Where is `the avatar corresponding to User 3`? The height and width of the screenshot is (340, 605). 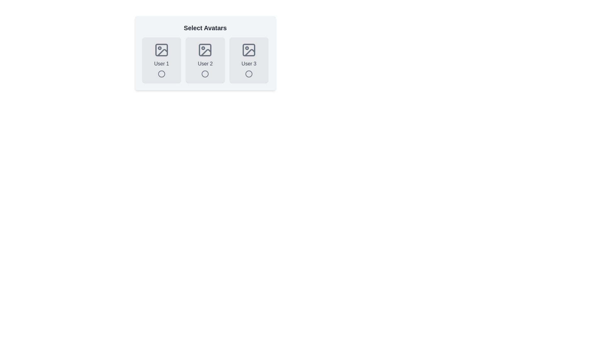
the avatar corresponding to User 3 is located at coordinates (249, 60).